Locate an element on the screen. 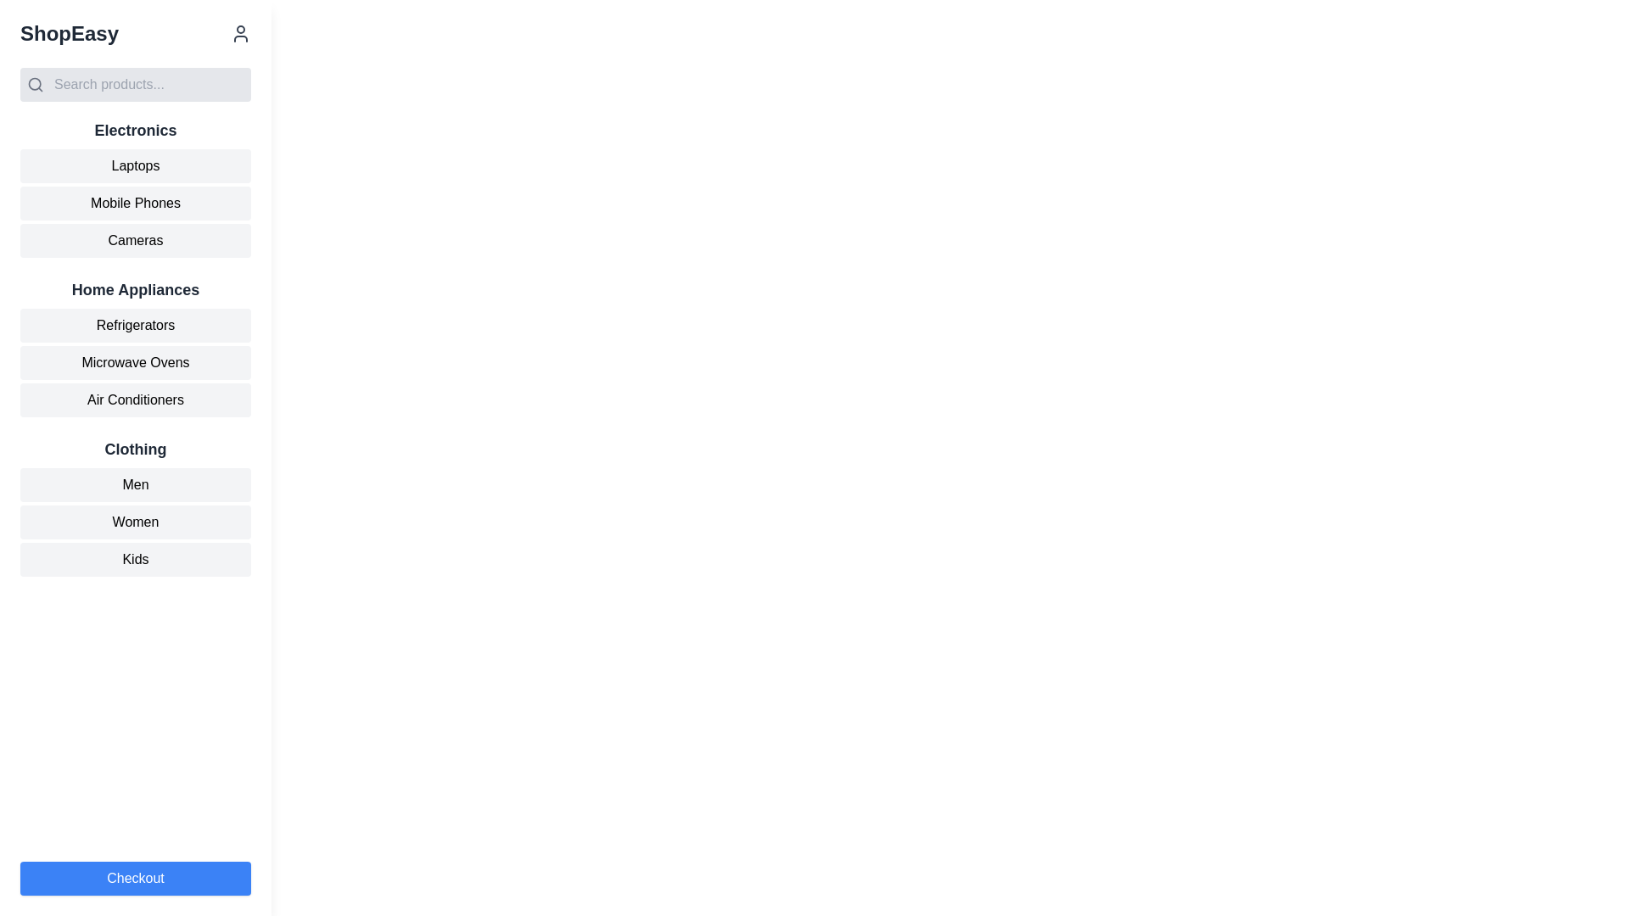 This screenshot has height=916, width=1629. the 'Kids' button, which is a rectangular button with a light gray background and black text, positioned under the 'Women' button in the 'Clothing' section is located at coordinates (134, 559).